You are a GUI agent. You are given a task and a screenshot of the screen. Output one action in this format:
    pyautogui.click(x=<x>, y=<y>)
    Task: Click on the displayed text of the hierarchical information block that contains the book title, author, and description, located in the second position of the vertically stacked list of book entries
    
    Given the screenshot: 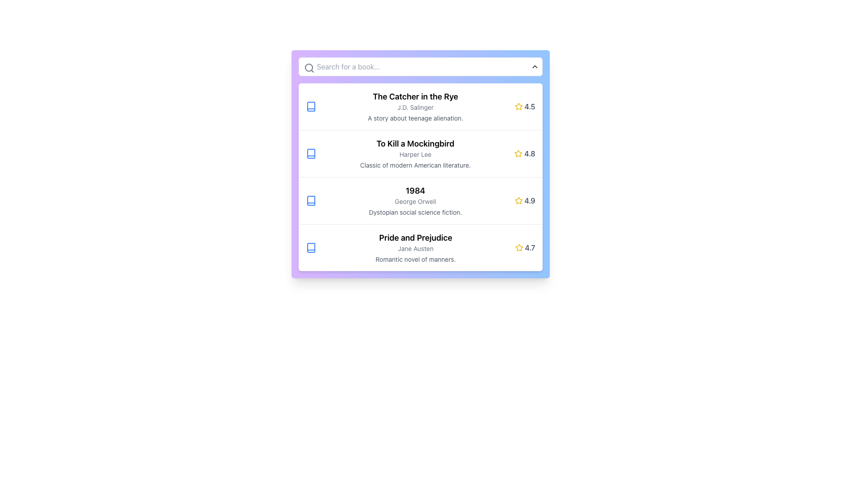 What is the action you would take?
    pyautogui.click(x=415, y=153)
    